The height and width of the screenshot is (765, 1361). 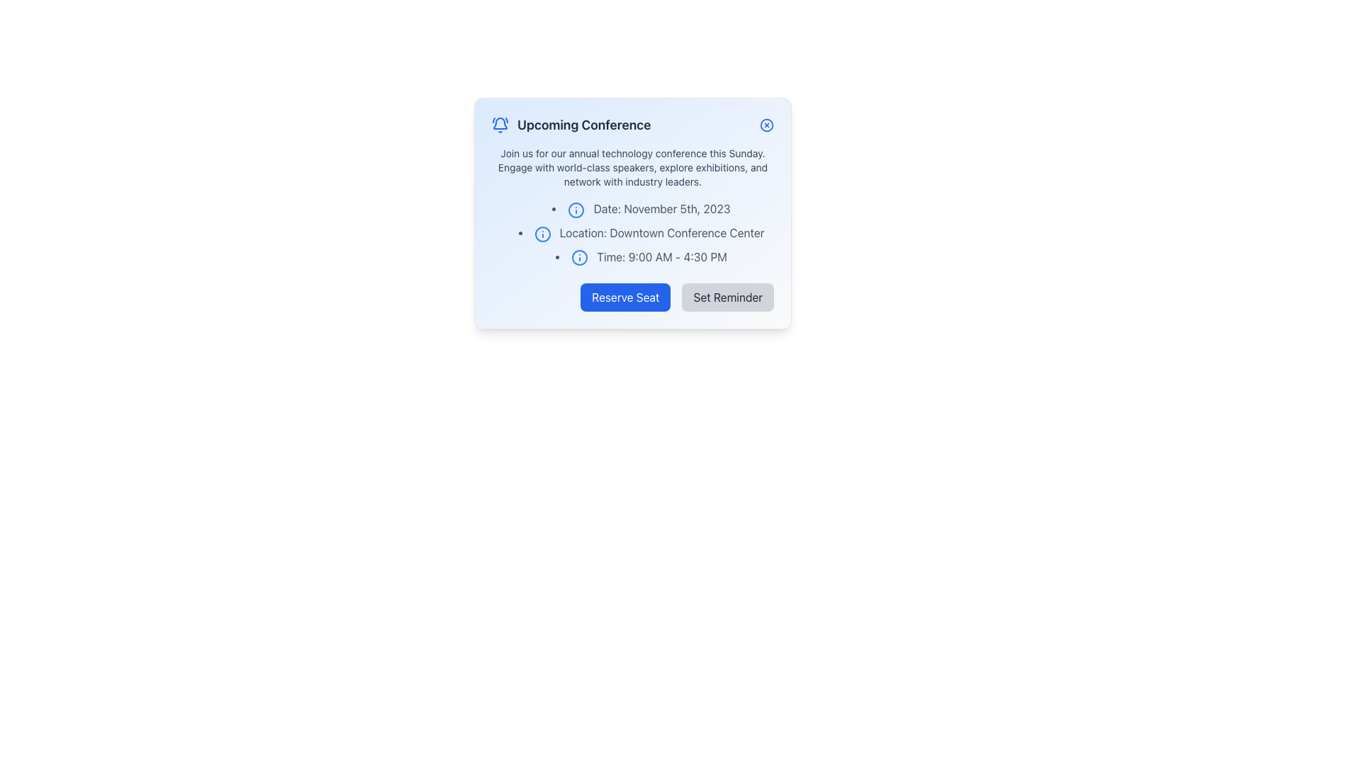 I want to click on the text element that communicates the time span of the event, located as the third item in the bullet-point list below 'Date: November 5th, 2023' and 'Location: Downtown Conference Center', so click(x=641, y=256).